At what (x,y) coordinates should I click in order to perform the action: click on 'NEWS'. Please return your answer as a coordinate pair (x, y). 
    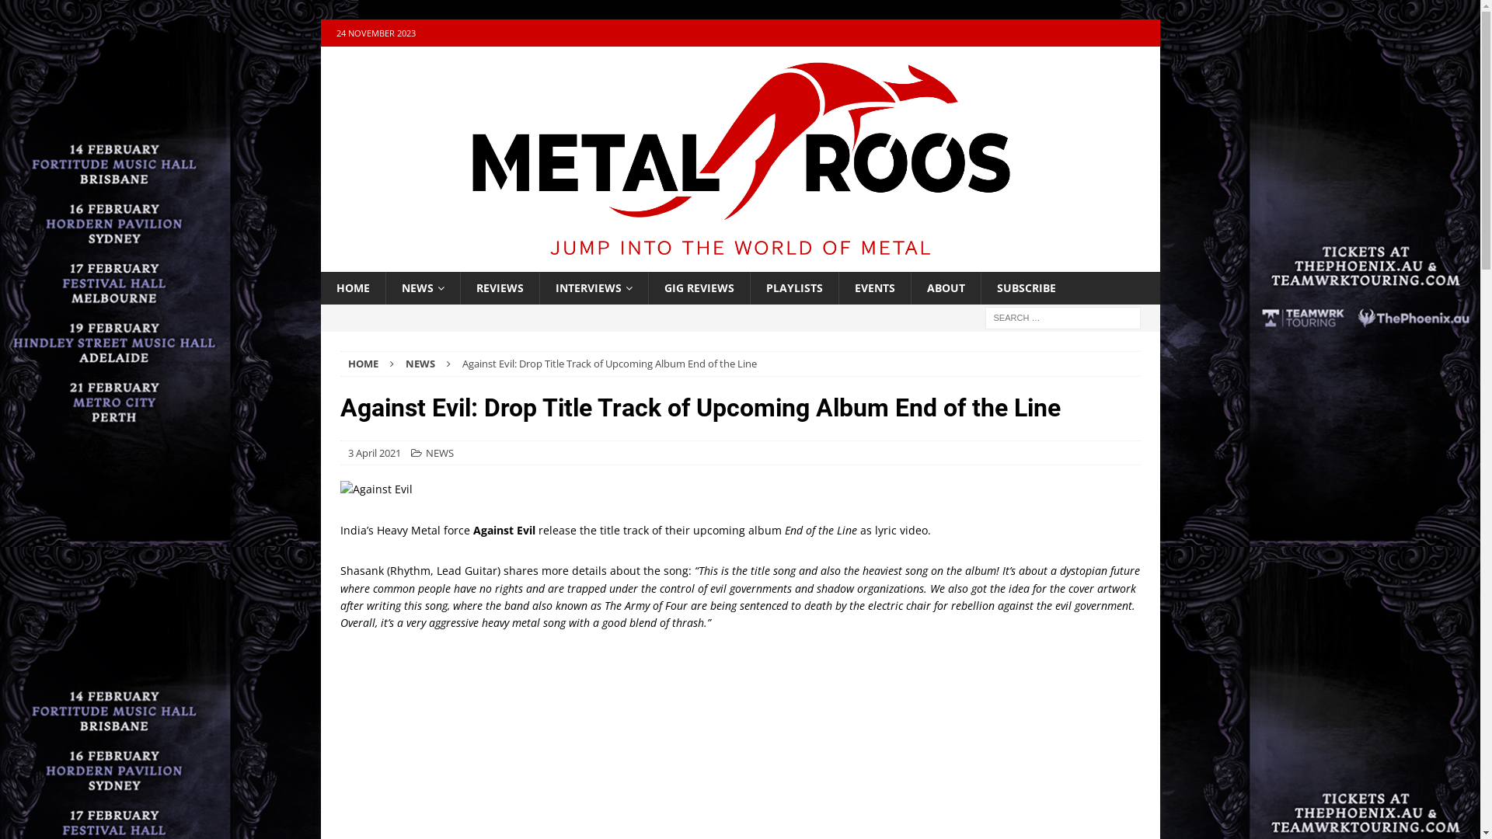
    Looking at the image, I should click on (406, 363).